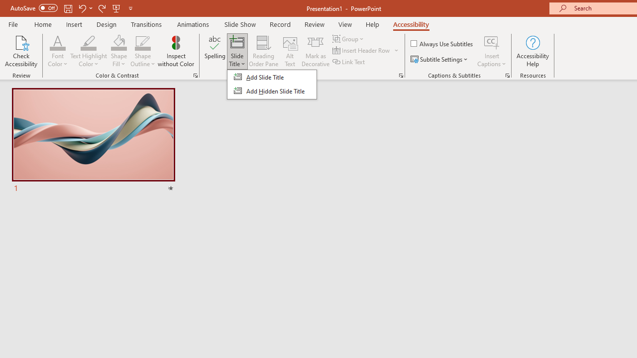  What do you see at coordinates (401, 75) in the screenshot?
I see `'Screen Reader'` at bounding box center [401, 75].